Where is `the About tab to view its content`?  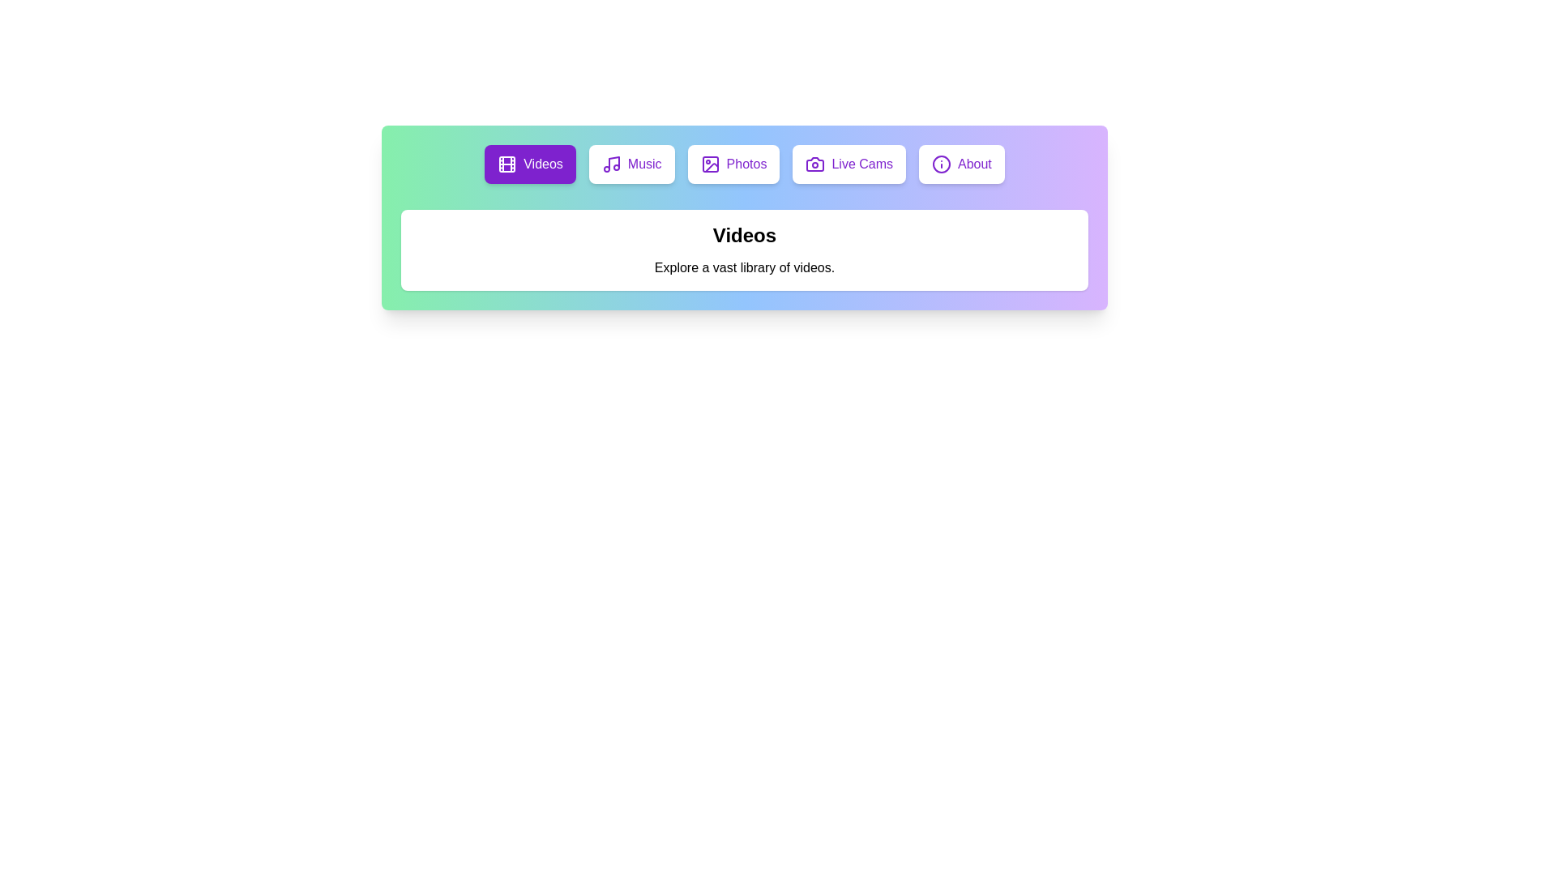 the About tab to view its content is located at coordinates (961, 164).